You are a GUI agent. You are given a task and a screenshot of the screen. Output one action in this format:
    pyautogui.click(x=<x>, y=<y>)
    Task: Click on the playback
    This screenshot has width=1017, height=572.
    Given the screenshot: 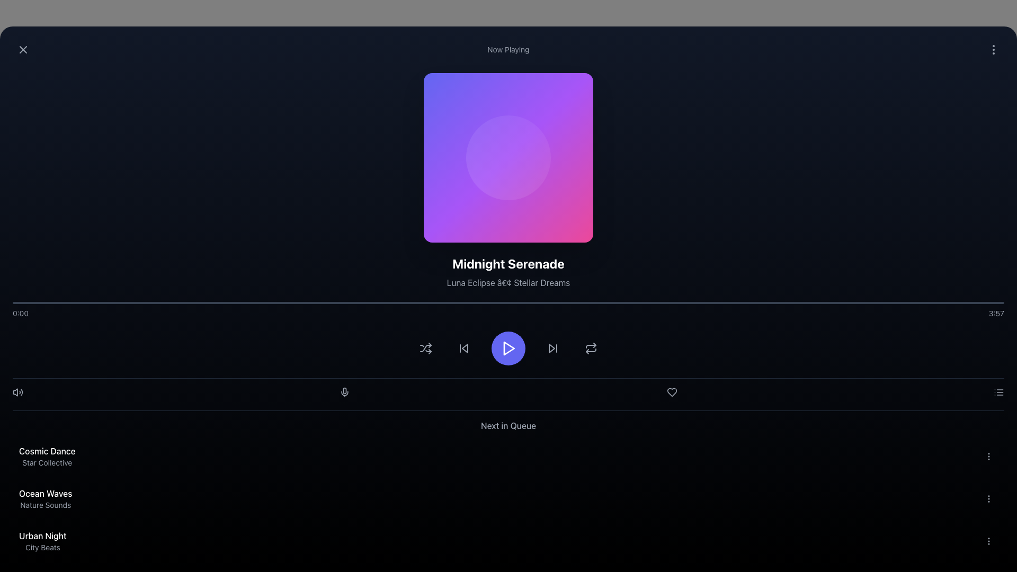 What is the action you would take?
    pyautogui.click(x=414, y=302)
    